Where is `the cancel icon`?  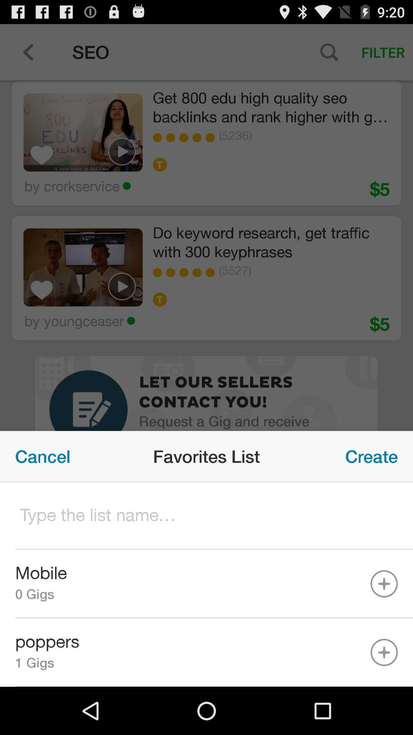
the cancel icon is located at coordinates (42, 456).